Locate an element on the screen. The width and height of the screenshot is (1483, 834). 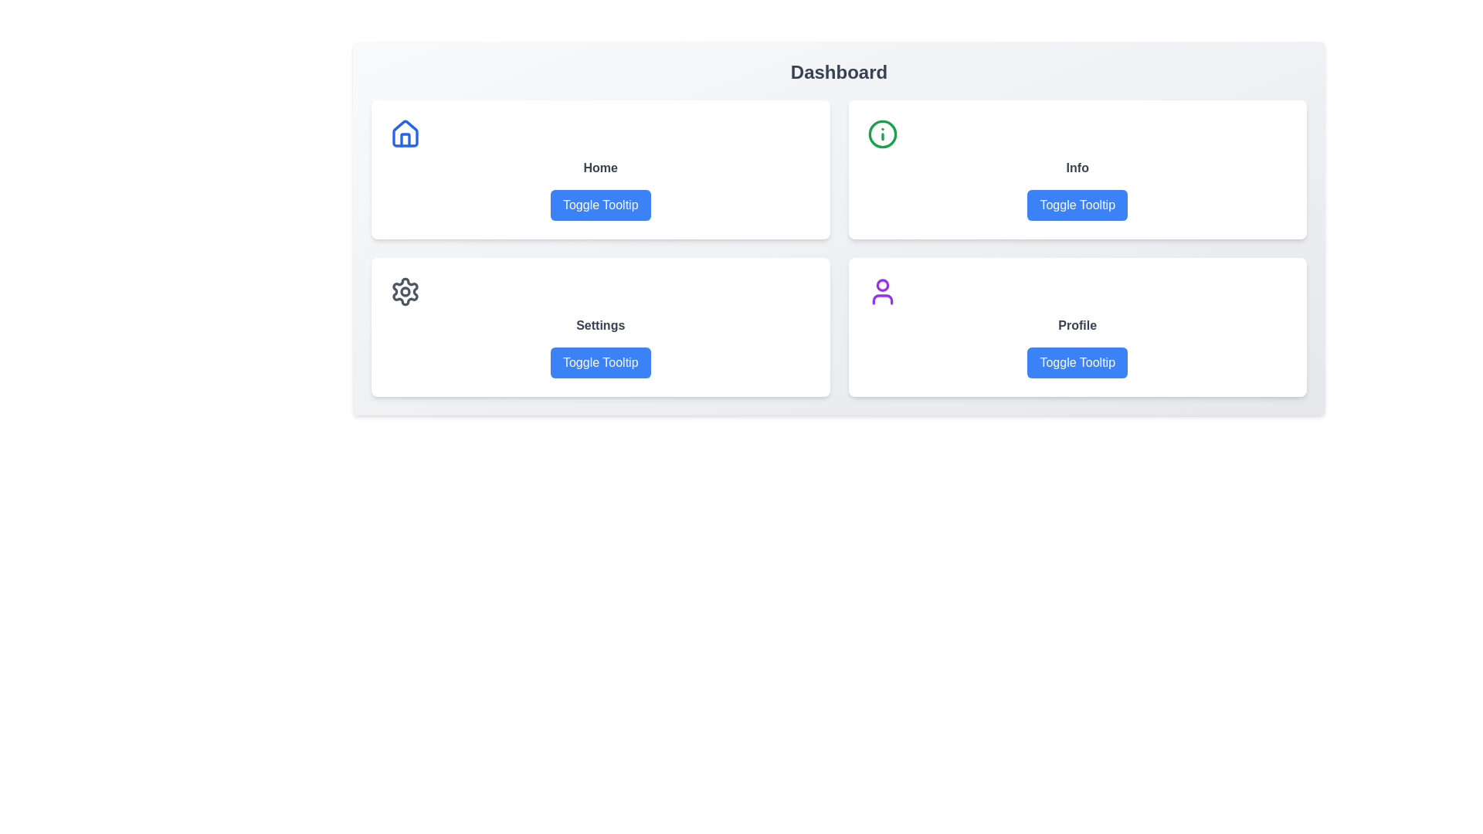
the first card in the top-left corner of the four-card grid layout to interact with the 'Home' feature is located at coordinates (599, 169).